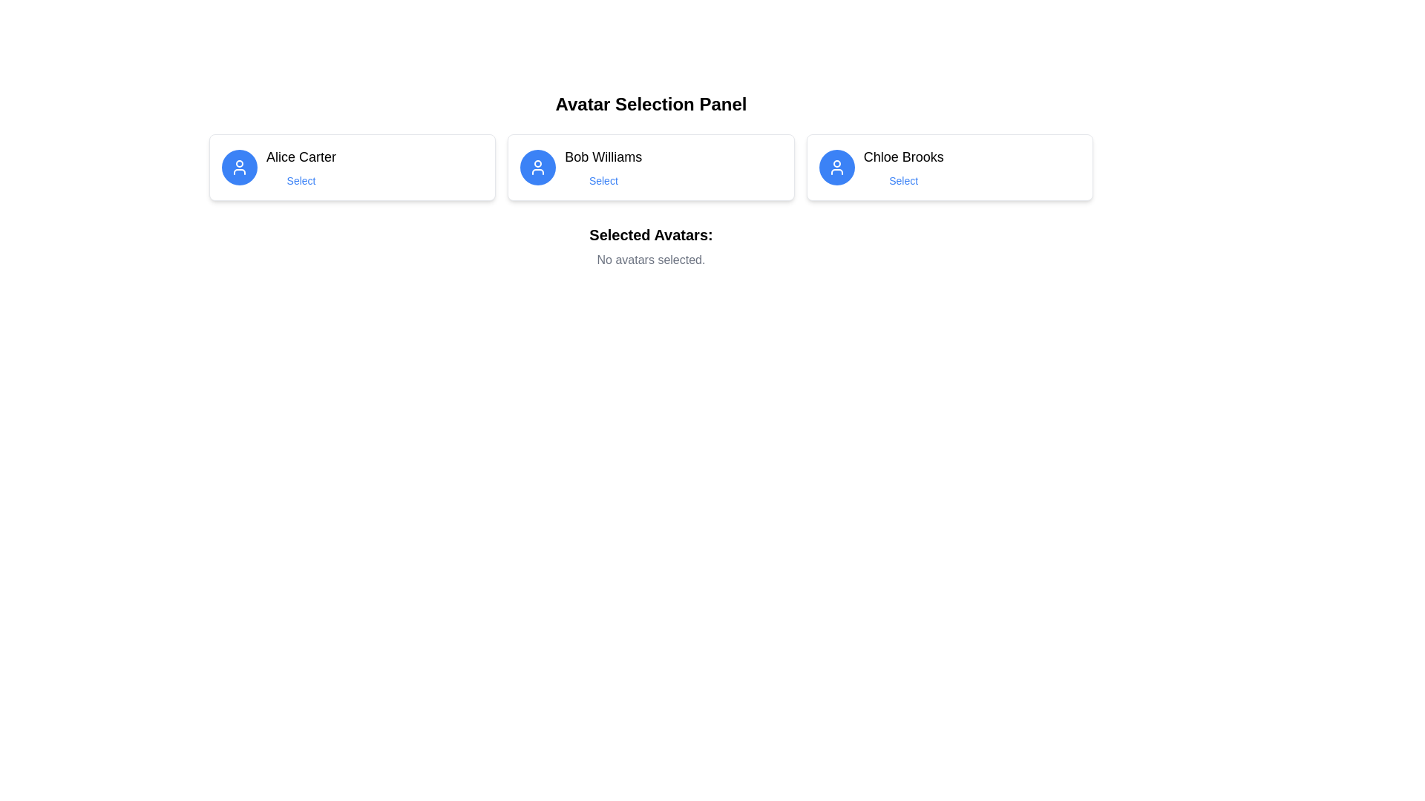 This screenshot has width=1425, height=801. What do you see at coordinates (301, 157) in the screenshot?
I see `the text label displaying 'Alice Carter', which is styled in medium-weight font and is positioned above the 'Select' link within a card layout` at bounding box center [301, 157].